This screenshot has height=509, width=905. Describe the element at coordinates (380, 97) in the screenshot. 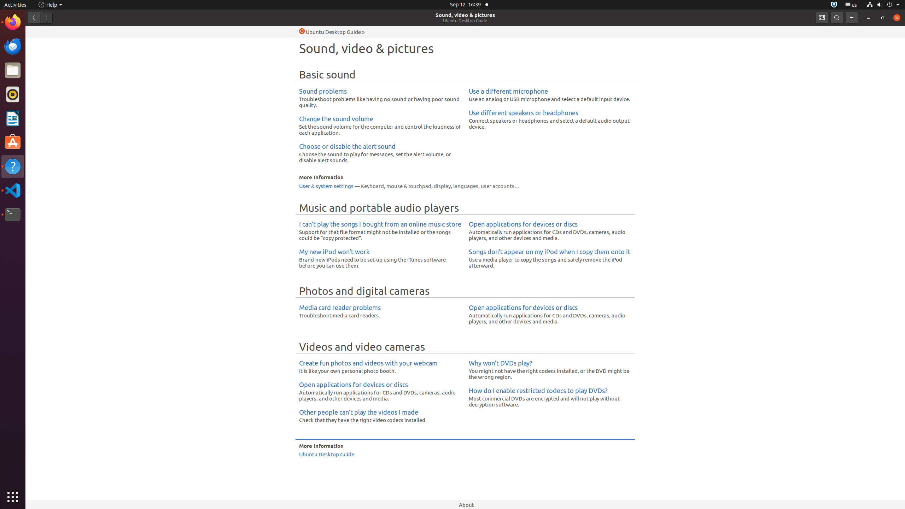

I see `'Sound problems Troubleshoot problems like having no sound or having poor sound quality.'` at that location.